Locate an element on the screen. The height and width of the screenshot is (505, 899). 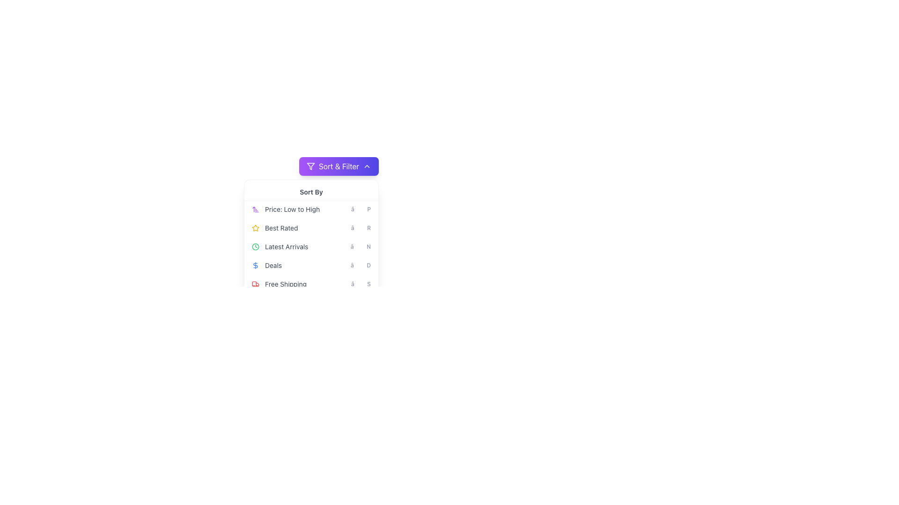
the sorting and filtering icon located within the central area of the purple button labeled 'Sort & Filter' at the top of the interface is located at coordinates (310, 166).